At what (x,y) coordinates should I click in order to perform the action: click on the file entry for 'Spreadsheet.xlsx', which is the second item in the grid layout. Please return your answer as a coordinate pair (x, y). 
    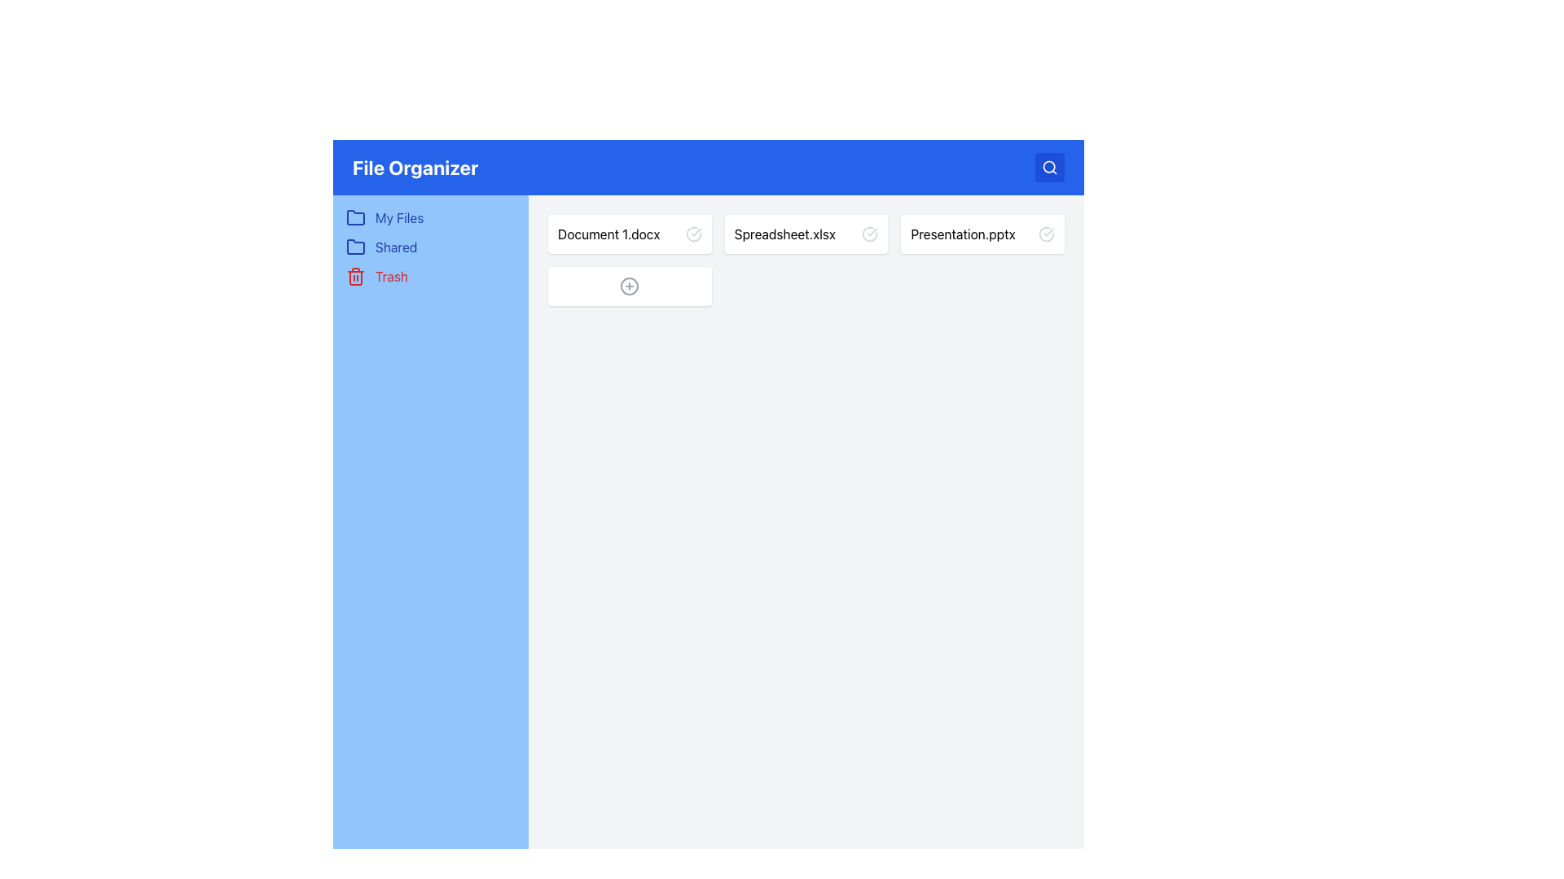
    Looking at the image, I should click on (806, 234).